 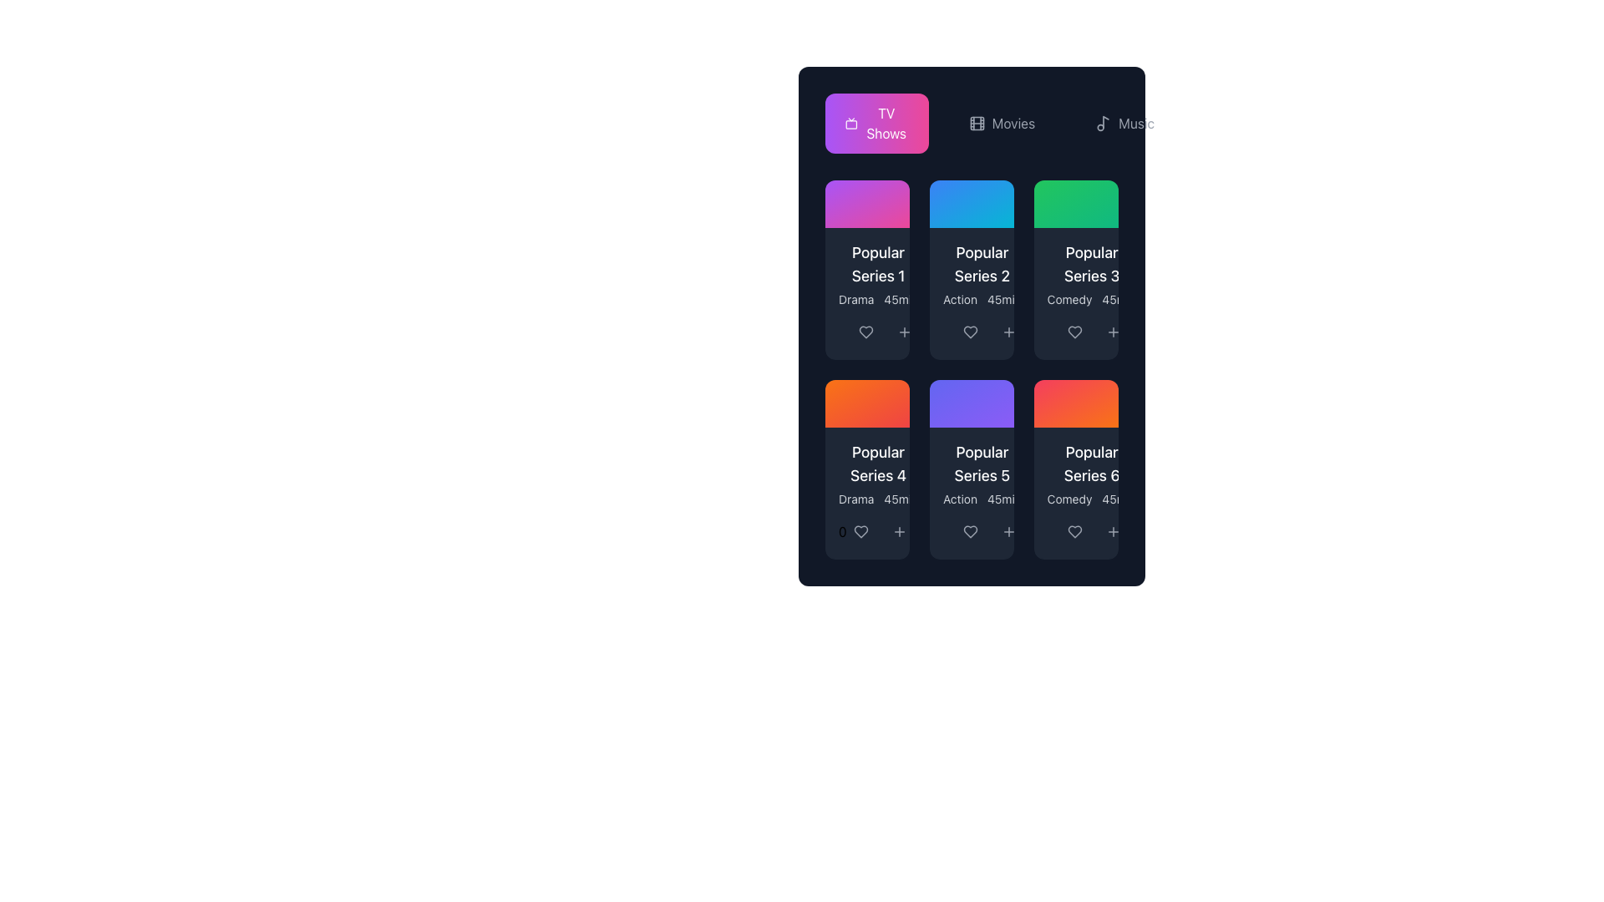 What do you see at coordinates (867, 469) in the screenshot?
I see `the 'Popular Series 4' text on the orange to red gradient card located in the bottom-left corner of the grid layout` at bounding box center [867, 469].